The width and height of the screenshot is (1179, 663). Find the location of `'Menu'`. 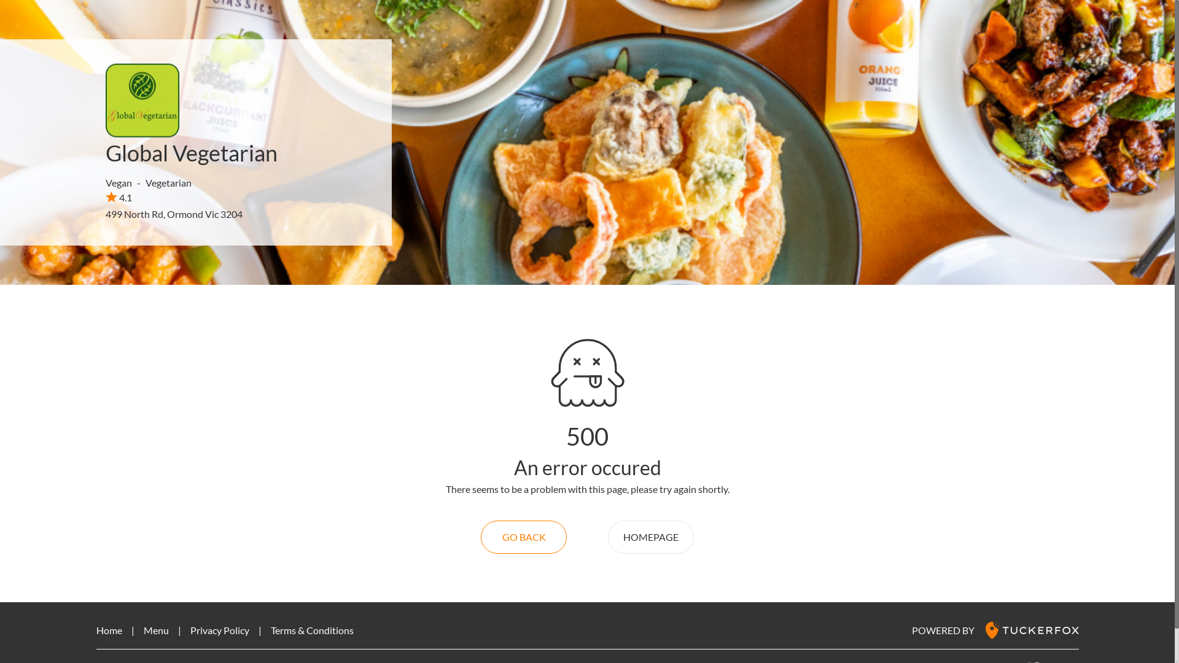

'Menu' is located at coordinates (155, 630).